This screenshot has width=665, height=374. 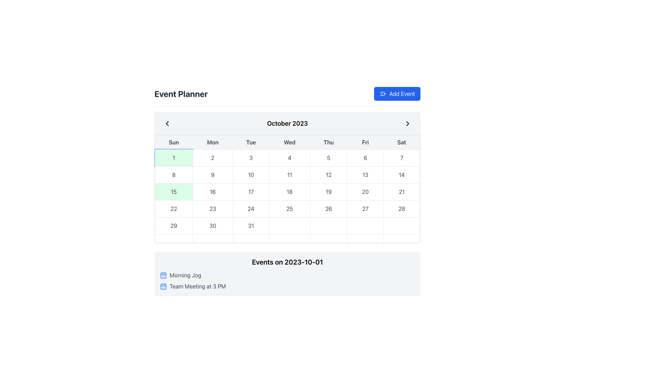 I want to click on the second segment element in the calendar component, so click(x=212, y=238).